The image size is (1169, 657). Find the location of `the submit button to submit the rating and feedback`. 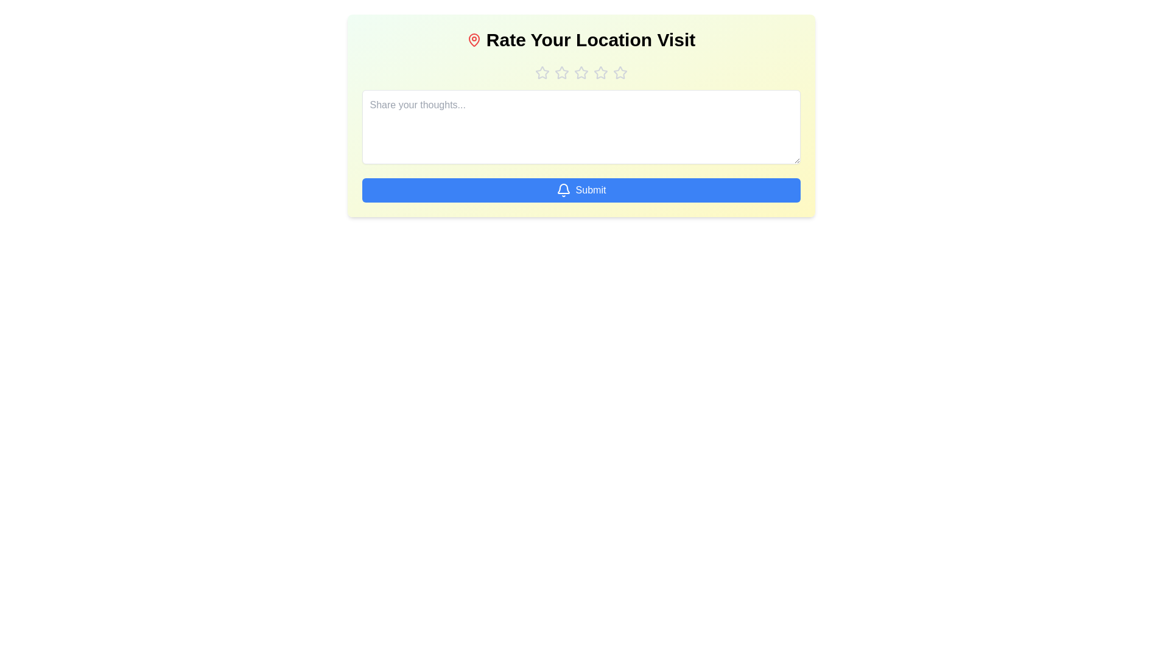

the submit button to submit the rating and feedback is located at coordinates (580, 190).